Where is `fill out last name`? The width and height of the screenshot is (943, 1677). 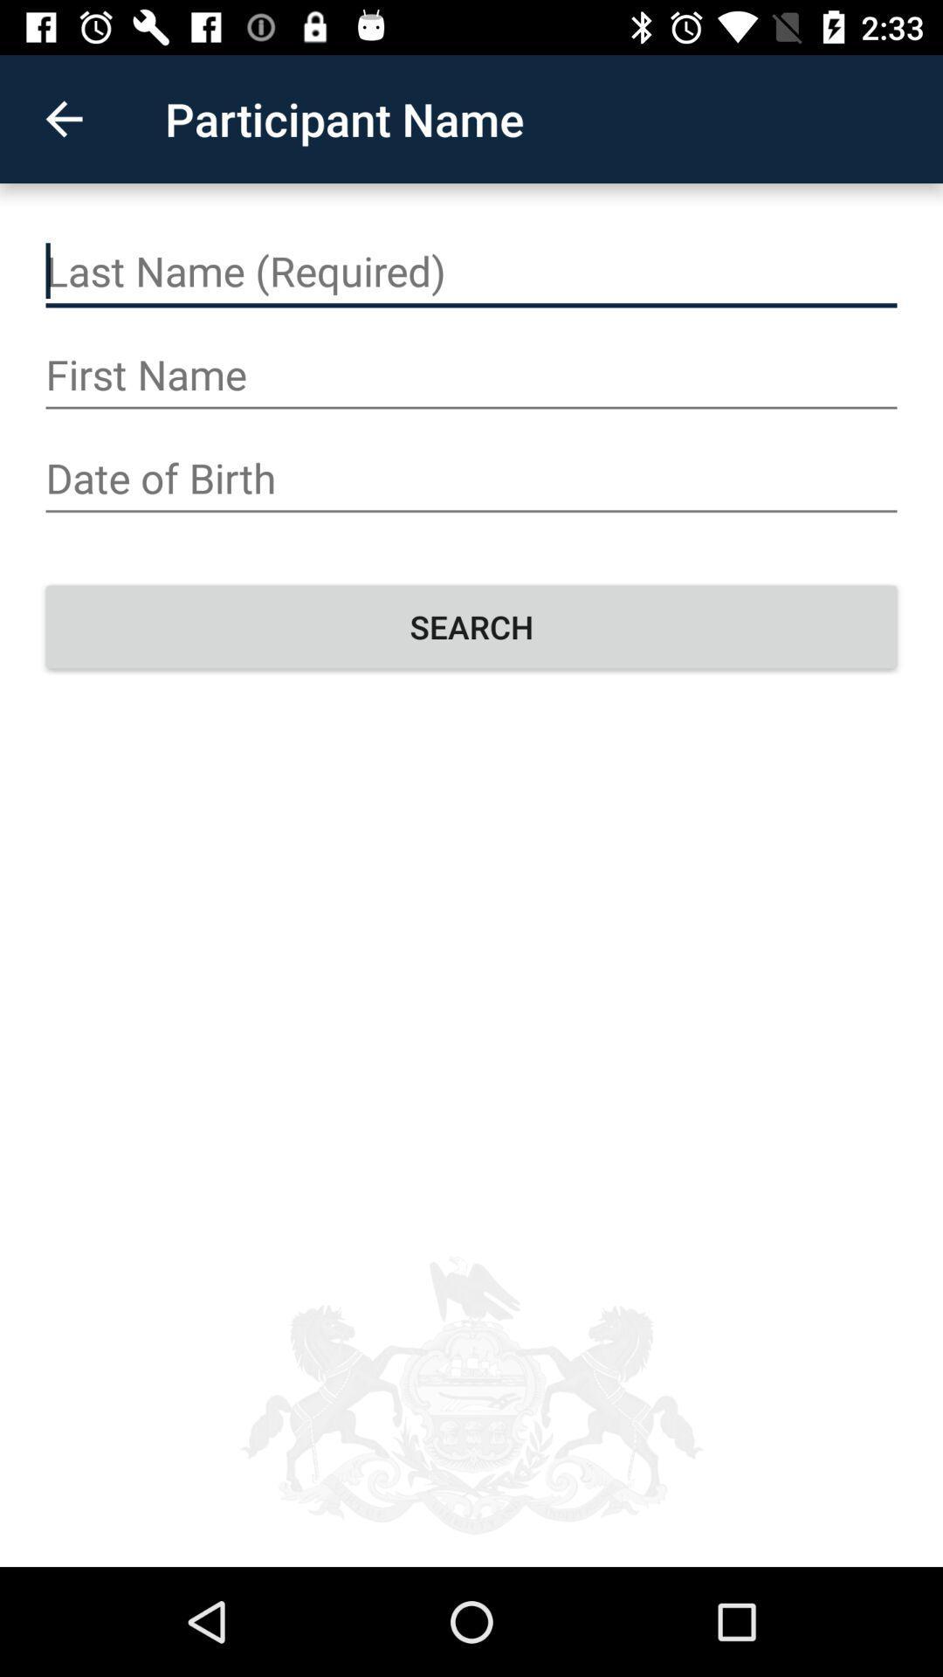 fill out last name is located at coordinates (471, 271).